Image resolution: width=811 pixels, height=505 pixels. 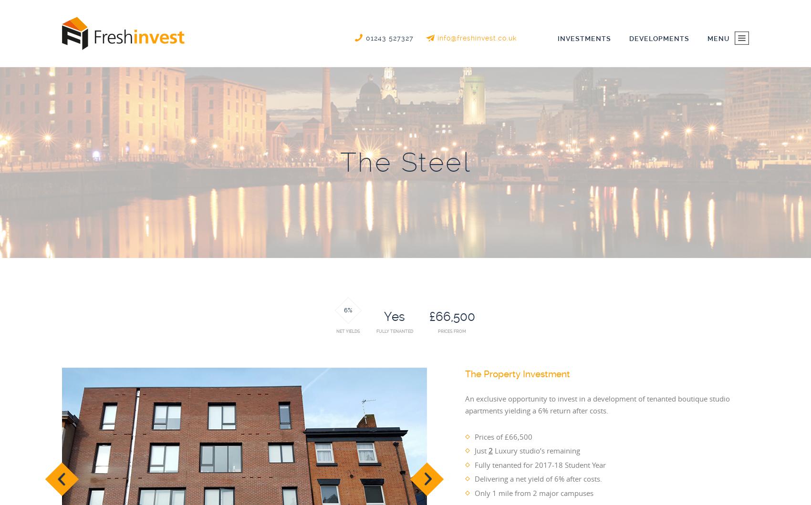 What do you see at coordinates (764, 222) in the screenshot?
I see `'Blog'` at bounding box center [764, 222].